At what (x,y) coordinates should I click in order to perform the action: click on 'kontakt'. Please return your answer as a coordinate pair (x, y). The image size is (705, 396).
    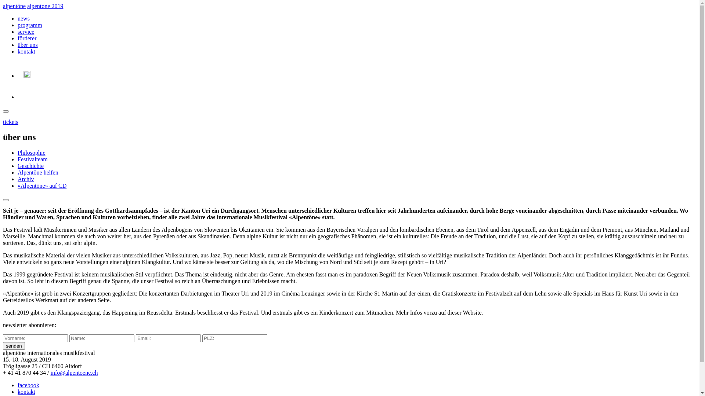
    Looking at the image, I should click on (26, 51).